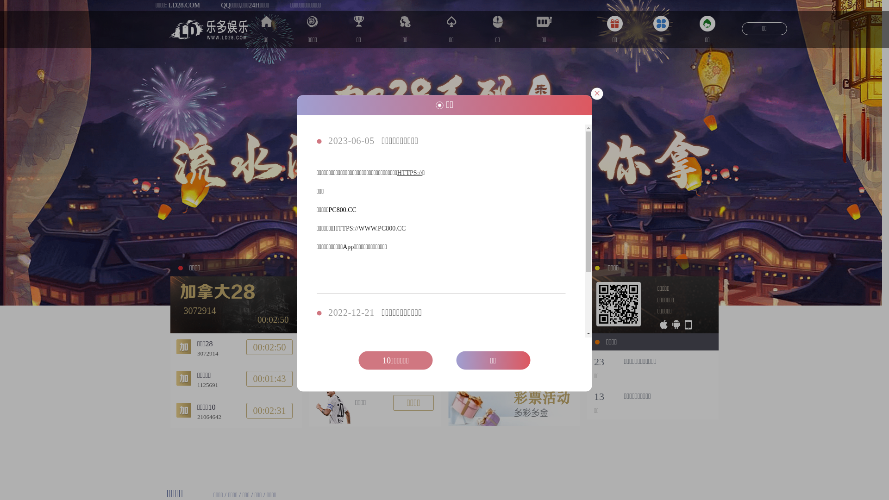 Image resolution: width=889 pixels, height=500 pixels. I want to click on '00:01:44', so click(269, 378).